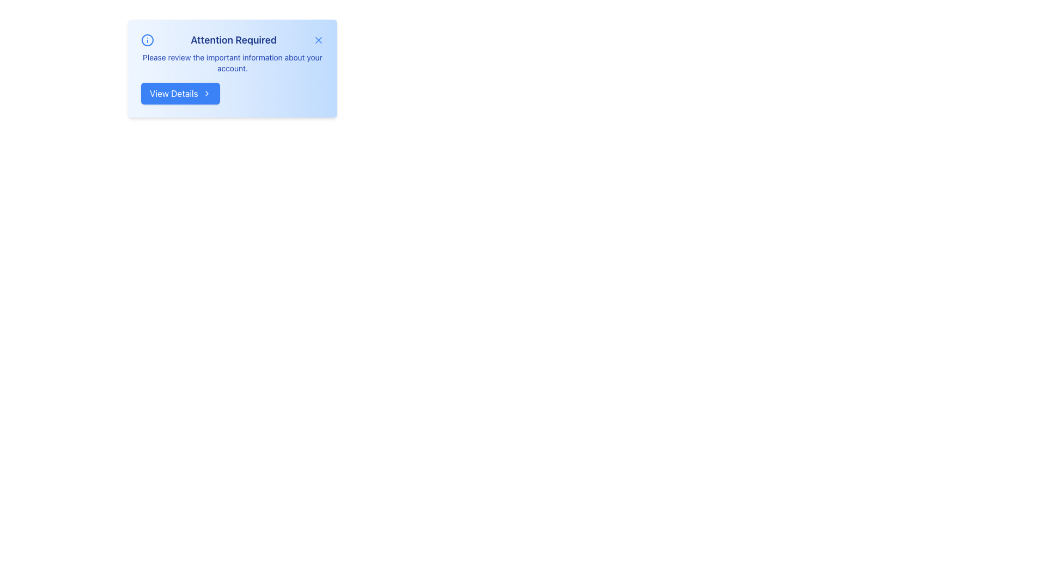 The width and height of the screenshot is (1046, 588). I want to click on the Text Label that serves as a heading for the notification, located at the top of the notification box with a blue circular information icon on its left and a close icon on its right, so click(232, 39).